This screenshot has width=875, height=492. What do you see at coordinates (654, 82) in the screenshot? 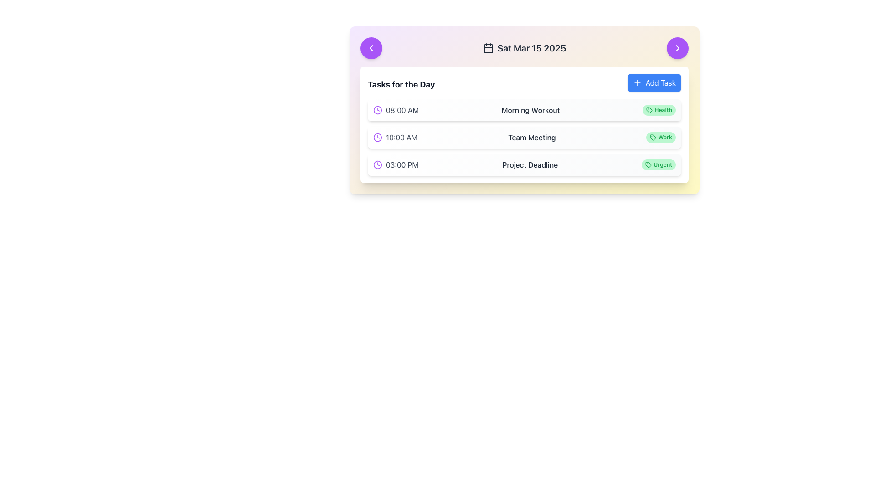
I see `the button located at the top-right corner of the 'Tasks for the Day' section to observe visual feedback` at bounding box center [654, 82].